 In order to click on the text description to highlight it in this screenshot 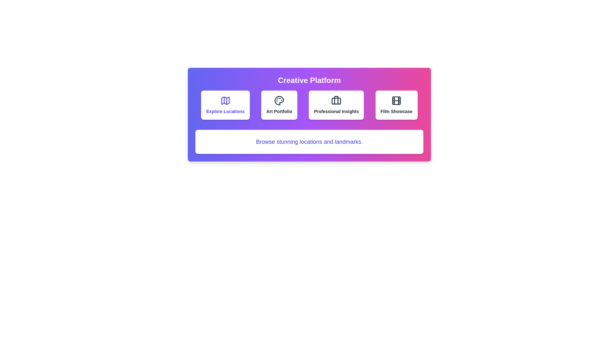, I will do `click(309, 141)`.